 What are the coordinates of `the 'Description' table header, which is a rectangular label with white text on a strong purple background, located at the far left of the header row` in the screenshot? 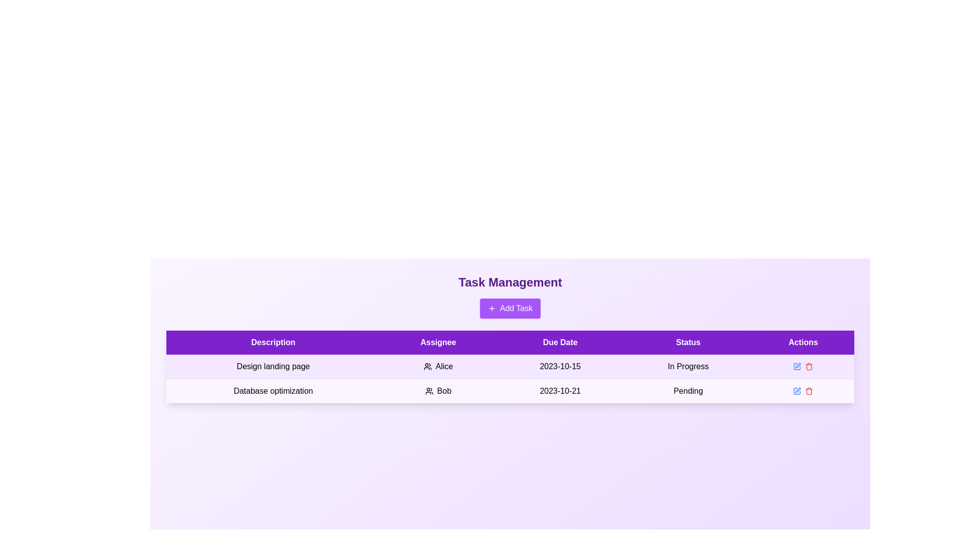 It's located at (273, 342).